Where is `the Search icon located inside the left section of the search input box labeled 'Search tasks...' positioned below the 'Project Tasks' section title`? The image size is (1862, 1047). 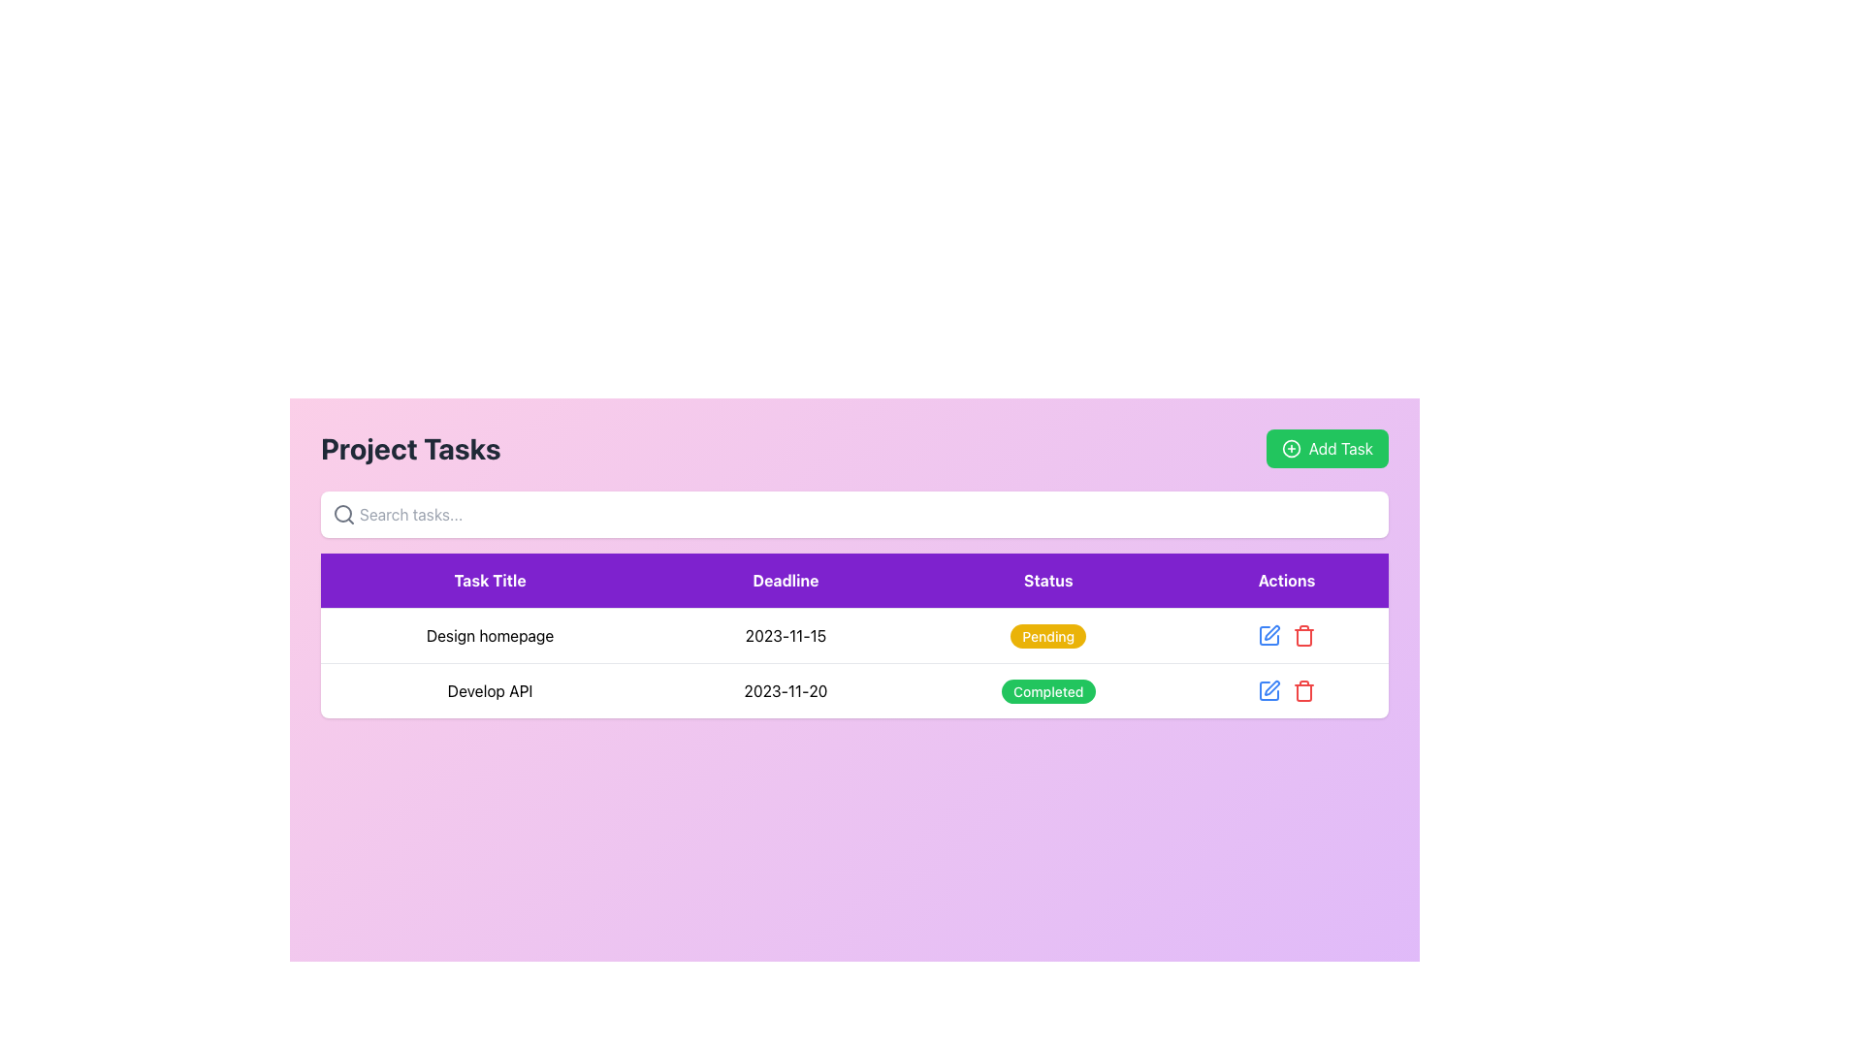 the Search icon located inside the left section of the search input box labeled 'Search tasks...' positioned below the 'Project Tasks' section title is located at coordinates (344, 514).